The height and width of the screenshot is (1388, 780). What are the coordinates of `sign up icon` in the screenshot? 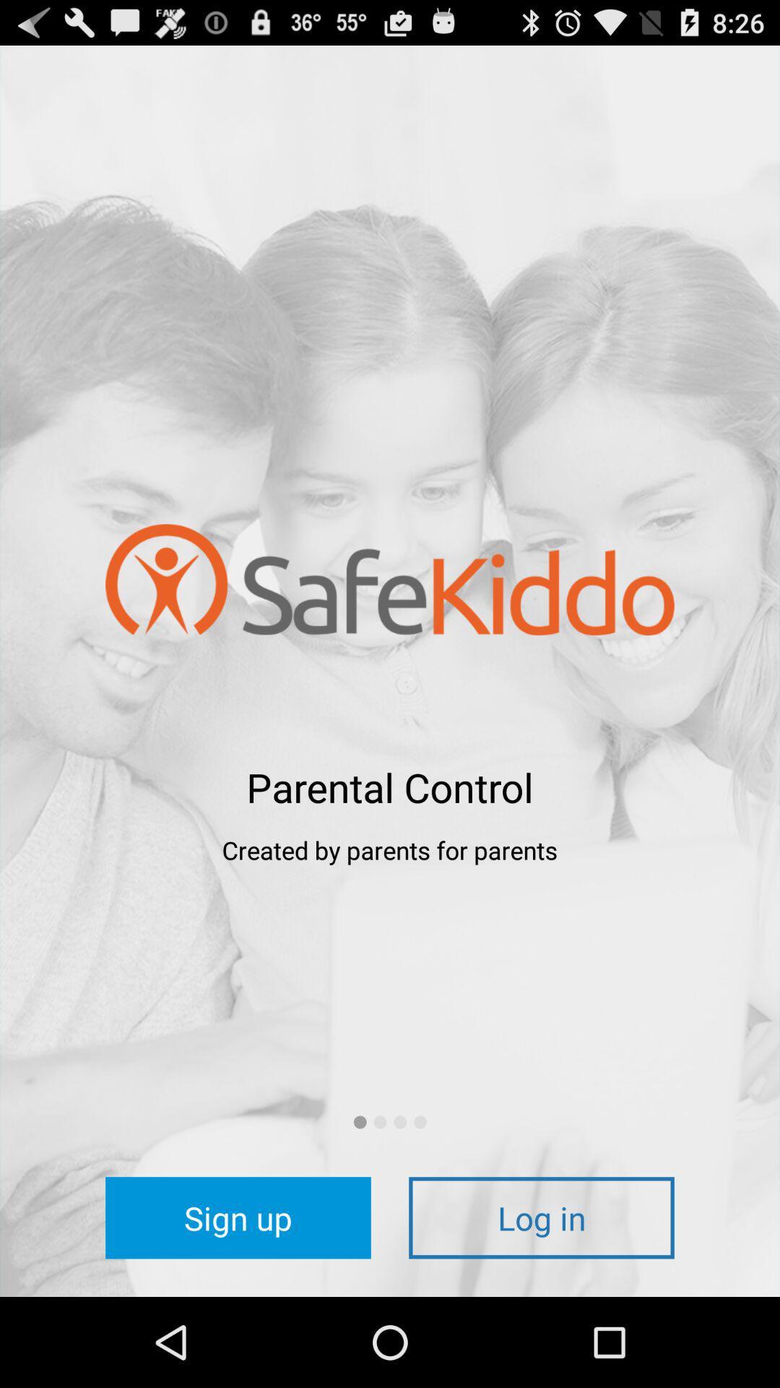 It's located at (238, 1217).